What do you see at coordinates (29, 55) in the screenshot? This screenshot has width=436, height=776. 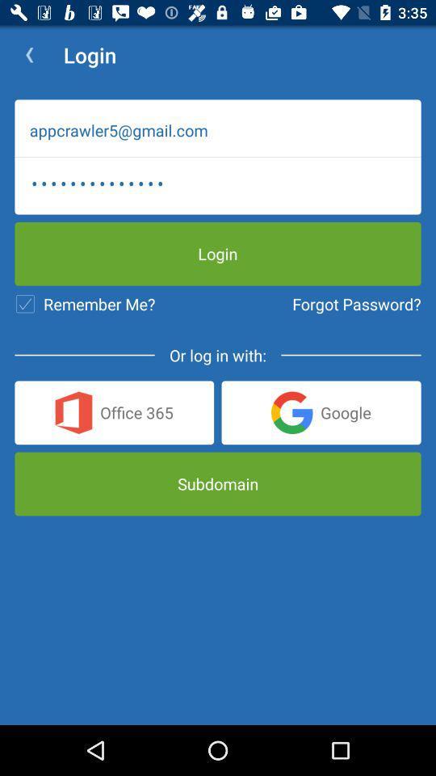 I see `icon to the left of the login` at bounding box center [29, 55].